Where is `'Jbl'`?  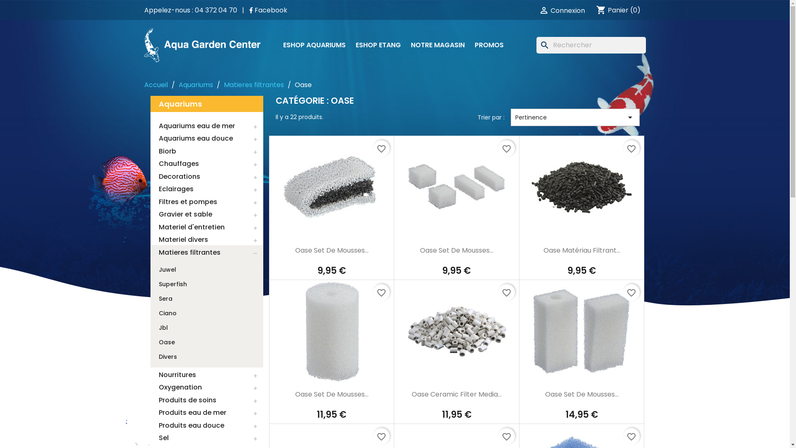
'Jbl' is located at coordinates (163, 327).